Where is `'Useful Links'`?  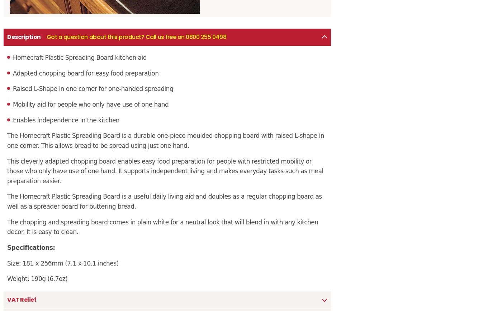 'Useful Links' is located at coordinates (218, 124).